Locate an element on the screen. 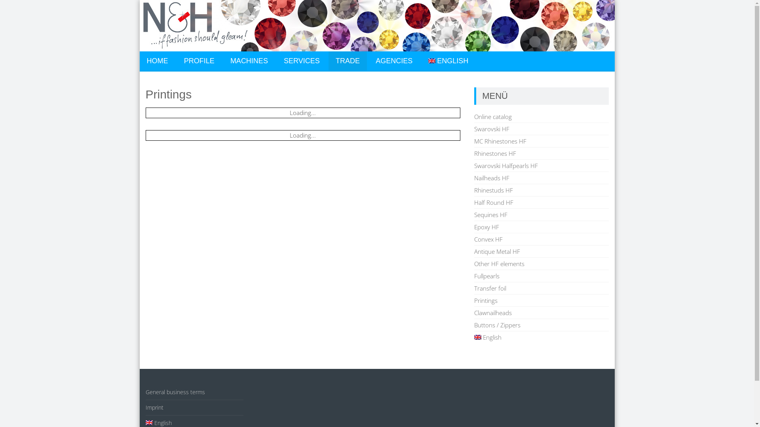 The width and height of the screenshot is (760, 427). 'Antique Metal HF' is located at coordinates (497, 251).